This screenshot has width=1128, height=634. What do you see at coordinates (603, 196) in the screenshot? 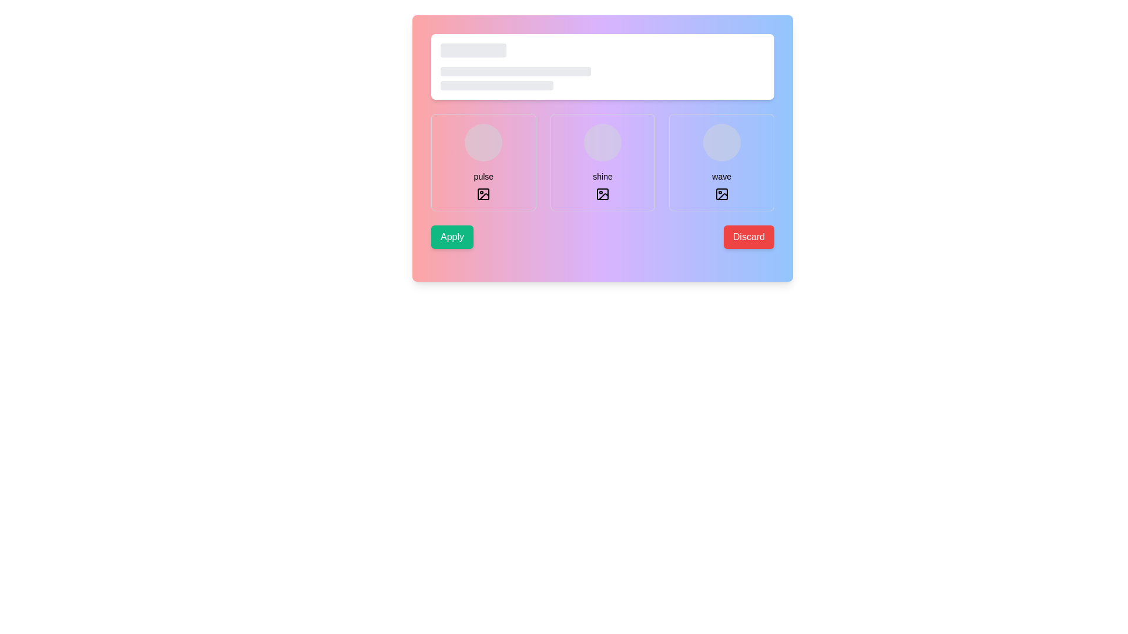
I see `the small triangular icon with a stroke pattern located in the second column of icons below the 'shine' label within the SVG graphic` at bounding box center [603, 196].